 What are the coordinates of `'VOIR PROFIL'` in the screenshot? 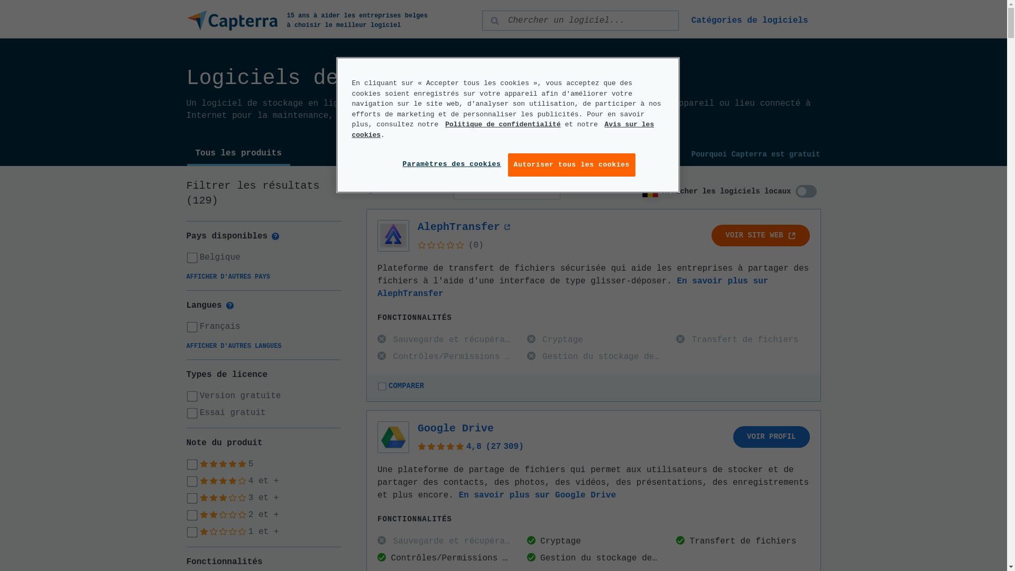 It's located at (771, 437).